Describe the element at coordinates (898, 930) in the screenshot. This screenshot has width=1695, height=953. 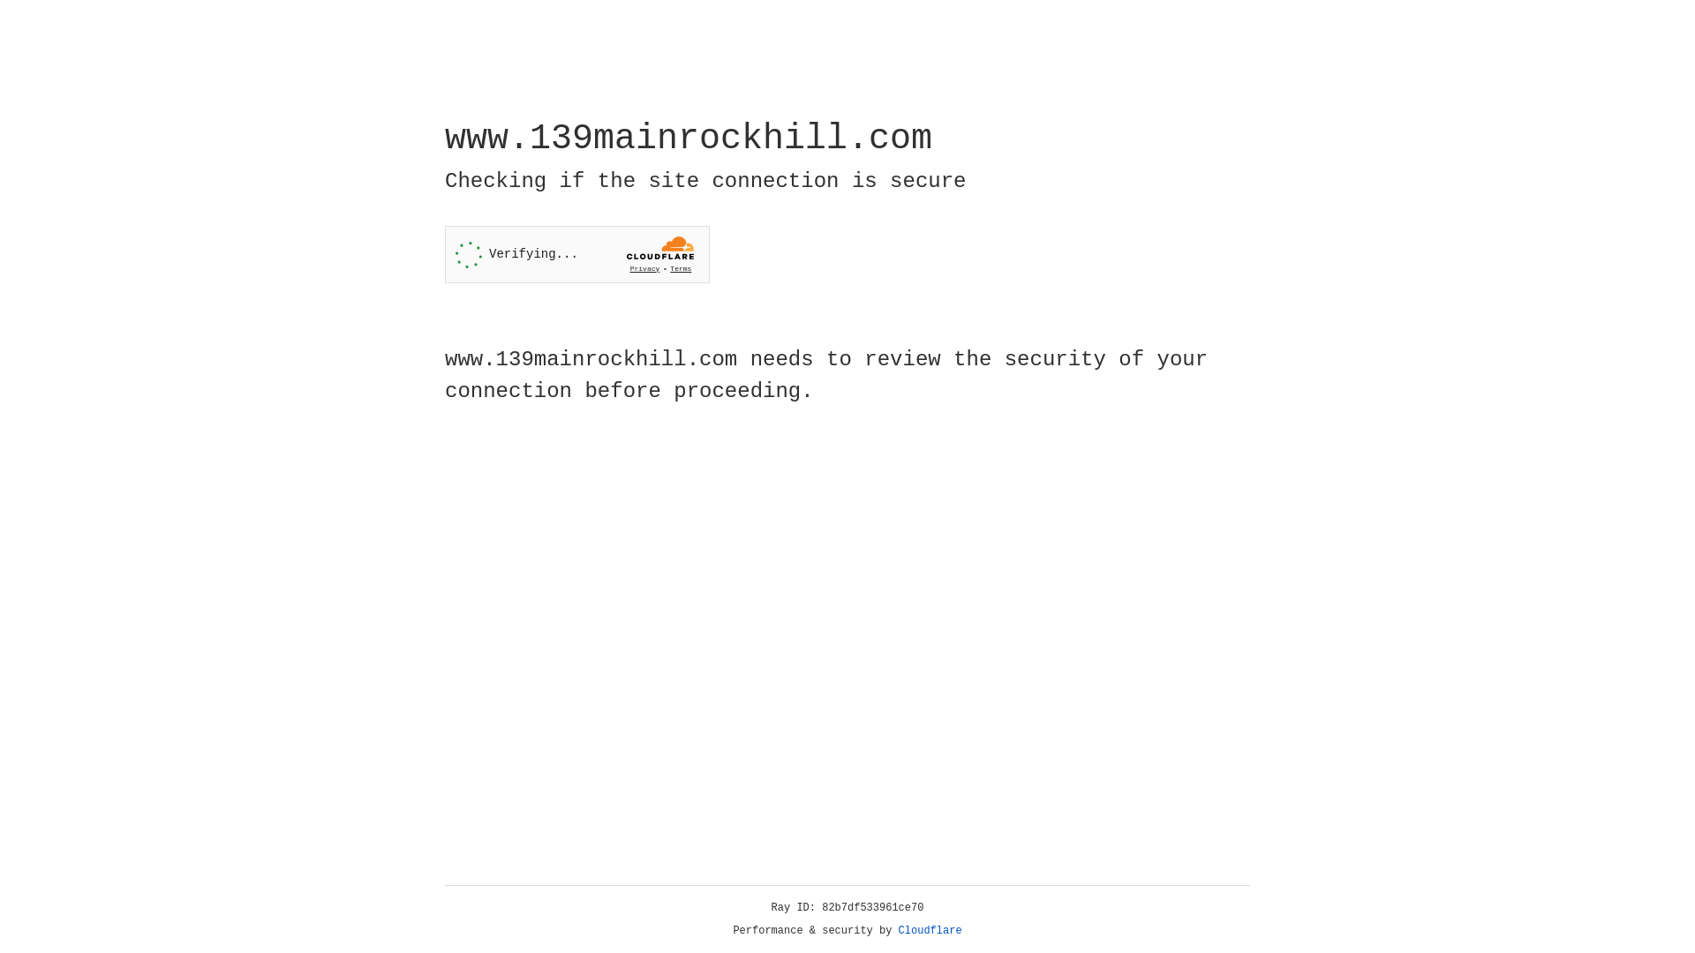
I see `'Cloudflare'` at that location.